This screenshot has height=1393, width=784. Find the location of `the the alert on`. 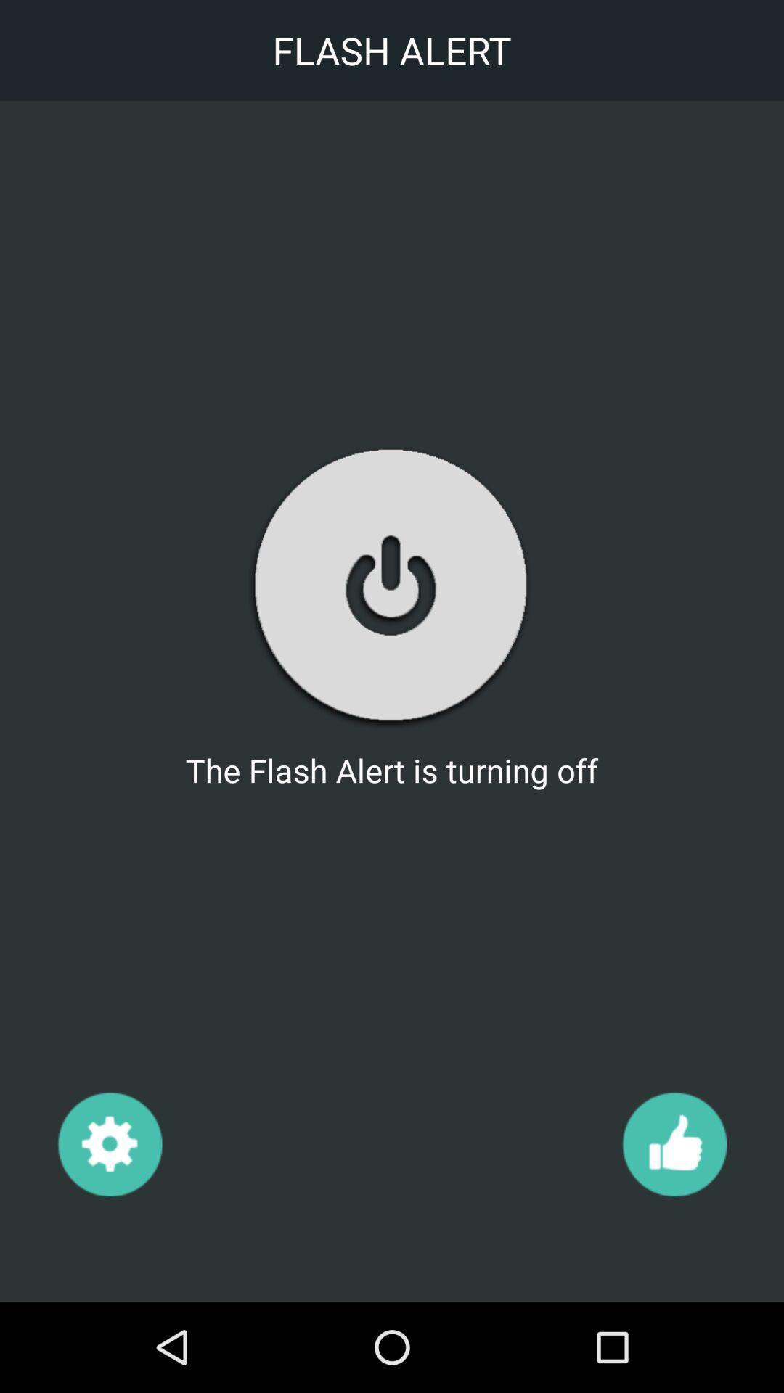

the the alert on is located at coordinates (391, 586).